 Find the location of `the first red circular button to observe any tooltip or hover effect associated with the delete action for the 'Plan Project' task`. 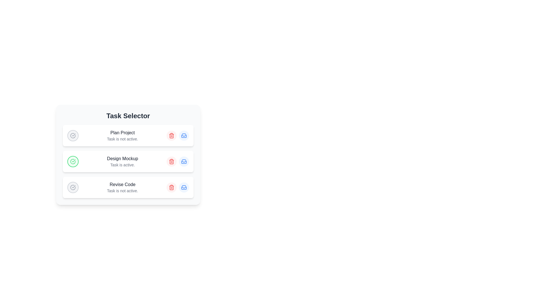

the first red circular button to observe any tooltip or hover effect associated with the delete action for the 'Plan Project' task is located at coordinates (171, 136).